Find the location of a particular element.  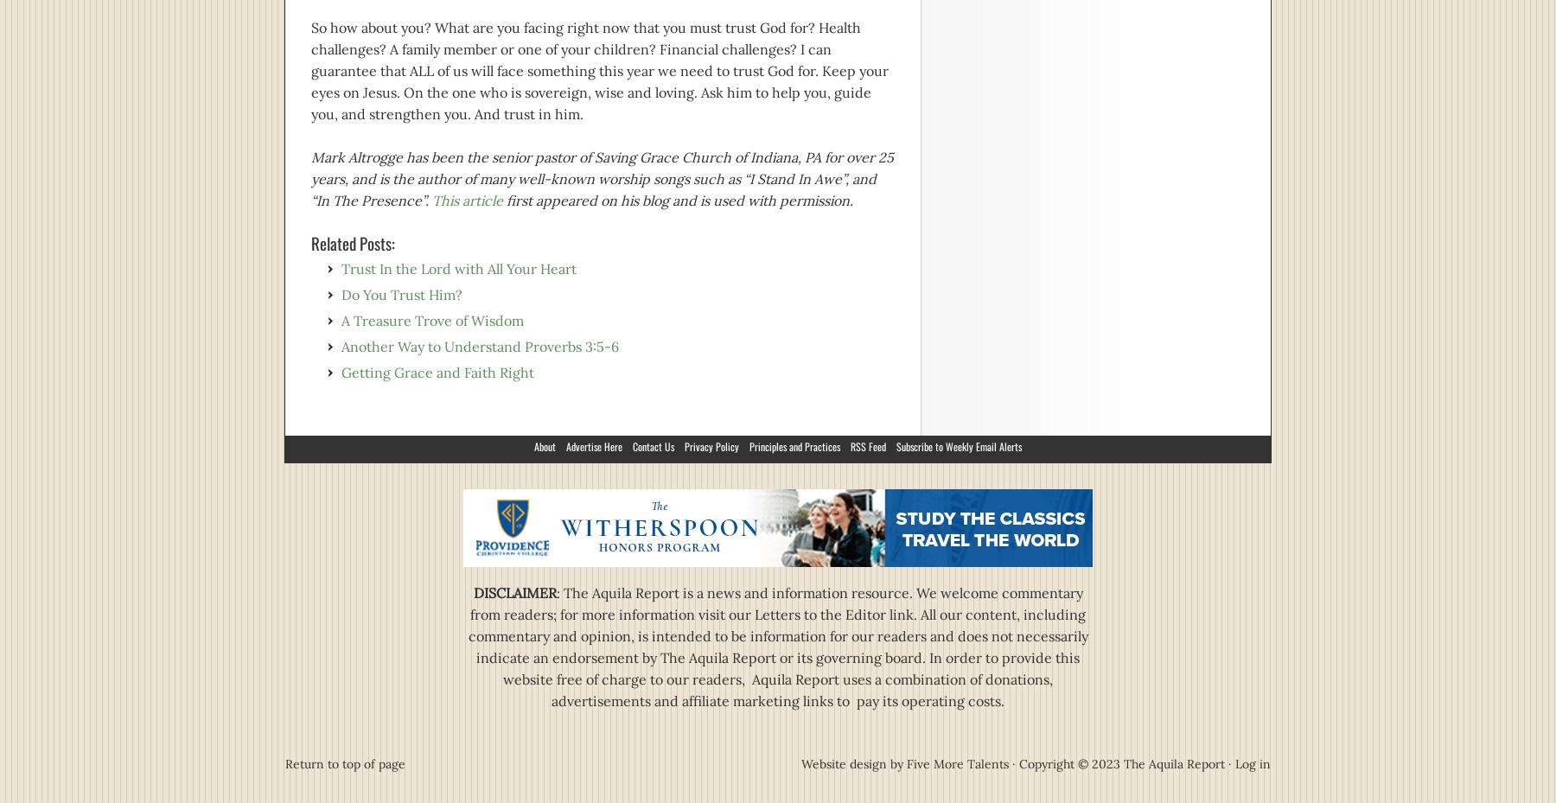

'Getting Grace and Faith Right' is located at coordinates (437, 371).